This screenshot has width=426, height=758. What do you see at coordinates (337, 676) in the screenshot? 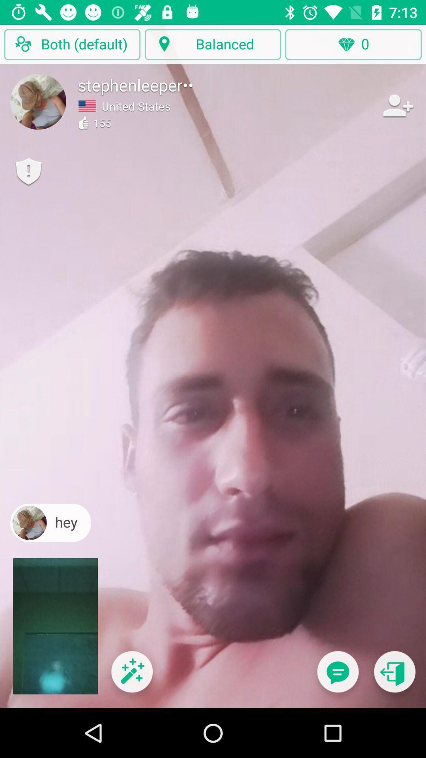
I see `message button` at bounding box center [337, 676].